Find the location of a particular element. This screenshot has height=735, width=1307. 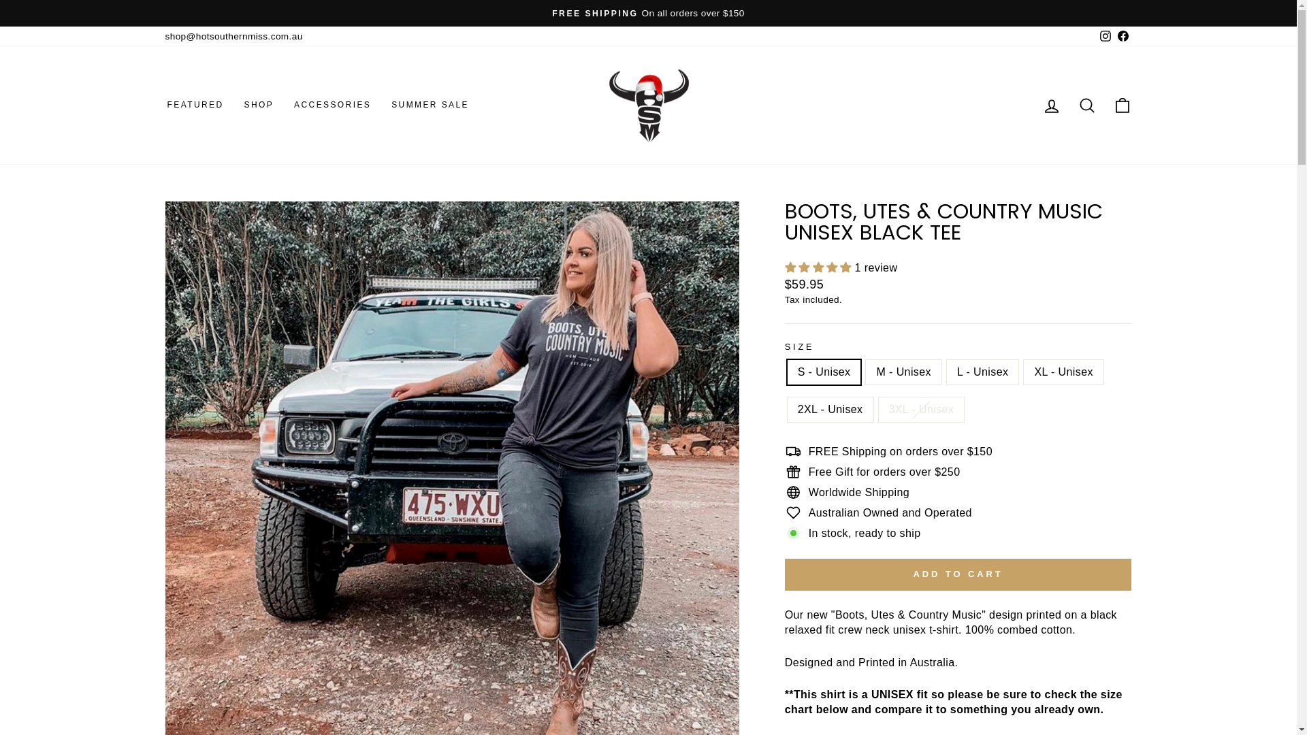

'SEARCH' is located at coordinates (1086, 104).